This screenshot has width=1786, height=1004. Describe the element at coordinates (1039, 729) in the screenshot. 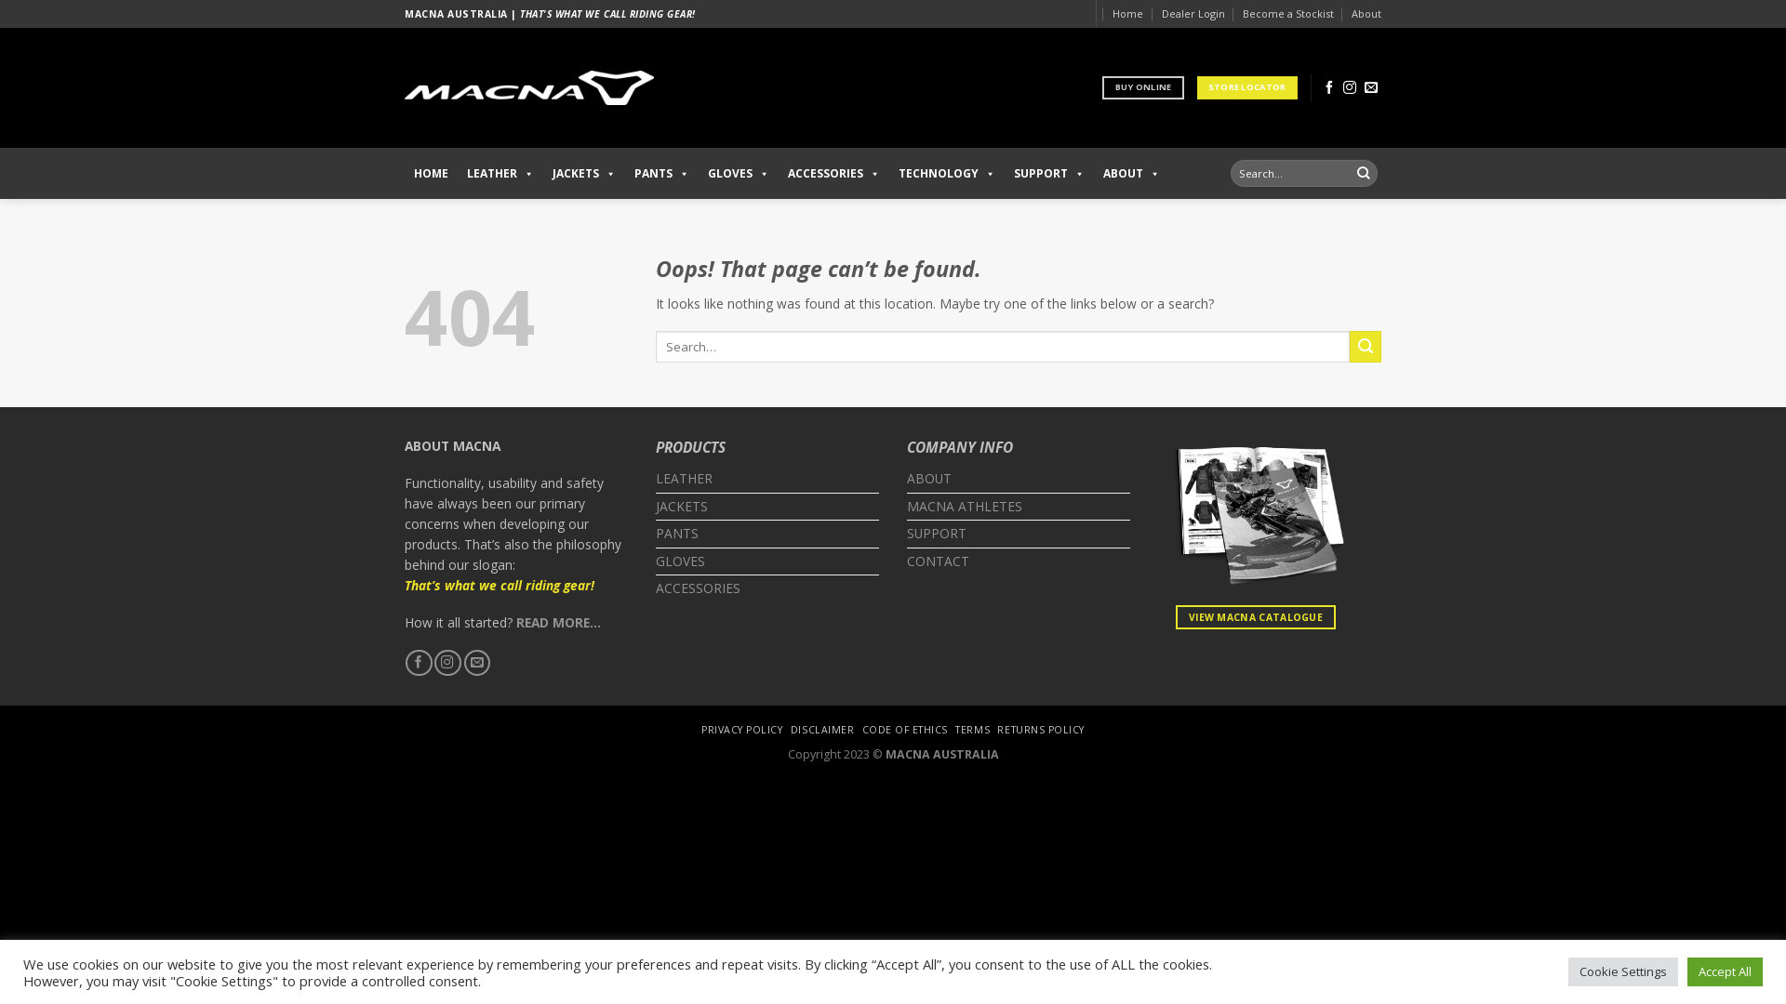

I see `'RETURNS POLICY'` at that location.